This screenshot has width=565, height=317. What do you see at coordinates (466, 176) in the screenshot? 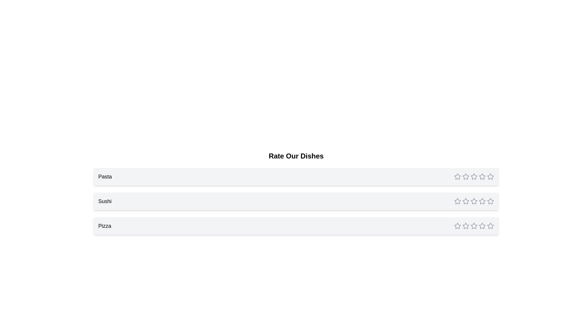
I see `the second star icon in the rating control for the 'Pasta' entry to rate it` at bounding box center [466, 176].